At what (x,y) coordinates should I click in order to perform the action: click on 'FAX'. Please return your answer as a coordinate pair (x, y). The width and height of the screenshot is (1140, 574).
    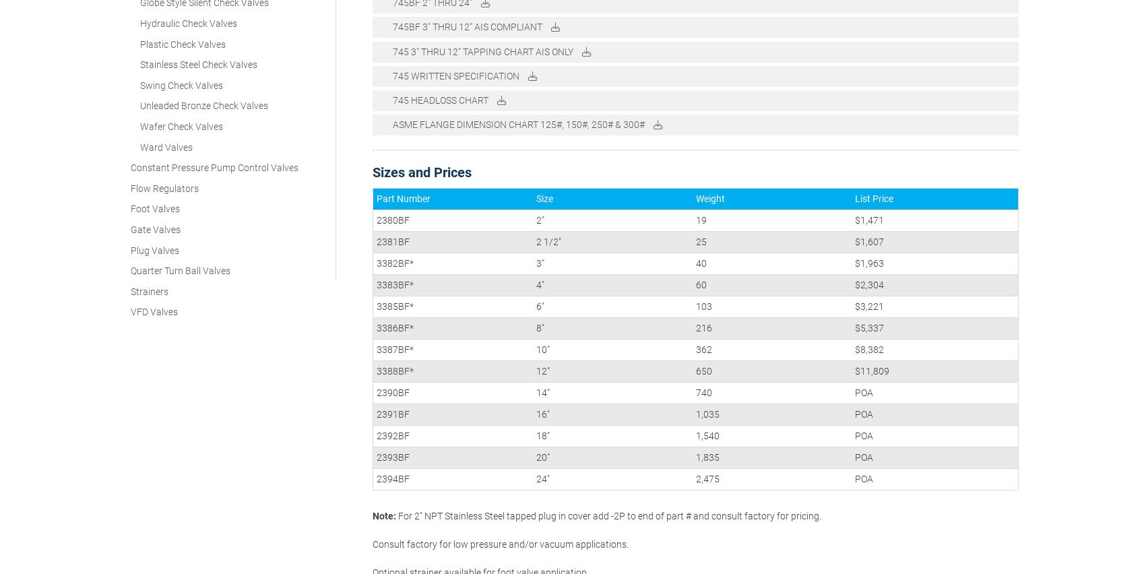
    Looking at the image, I should click on (811, 528).